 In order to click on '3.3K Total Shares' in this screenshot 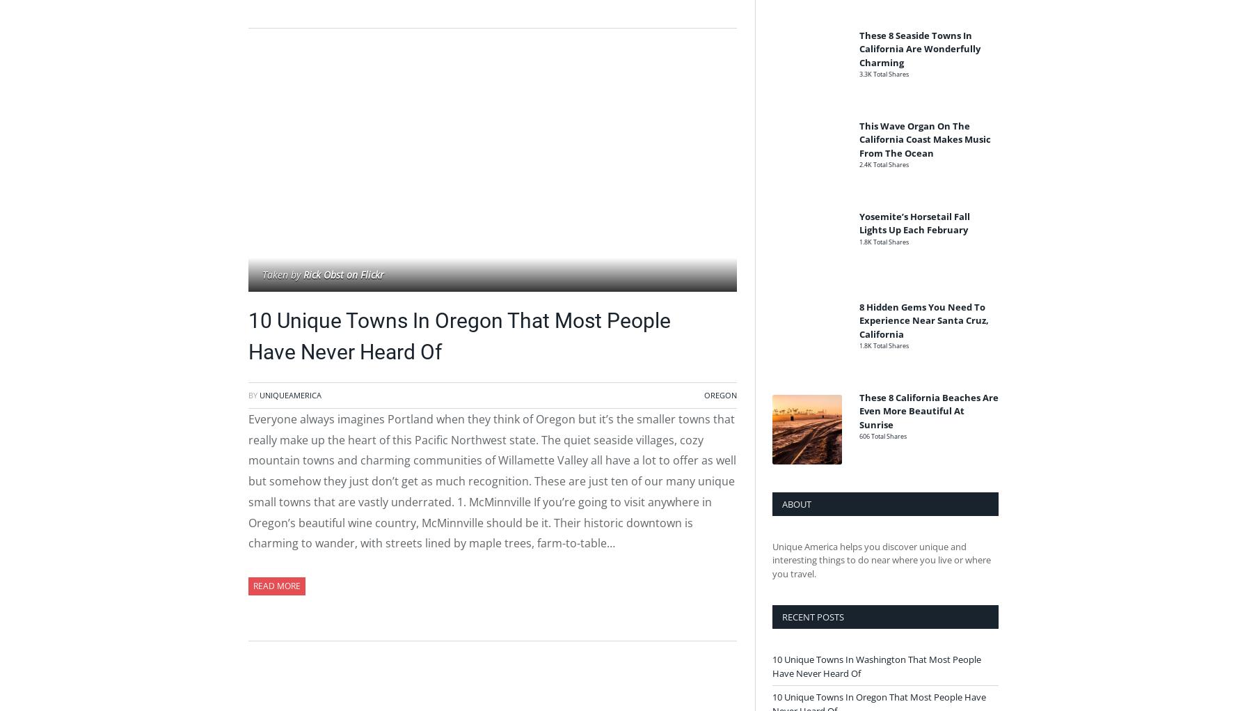, I will do `click(884, 73)`.